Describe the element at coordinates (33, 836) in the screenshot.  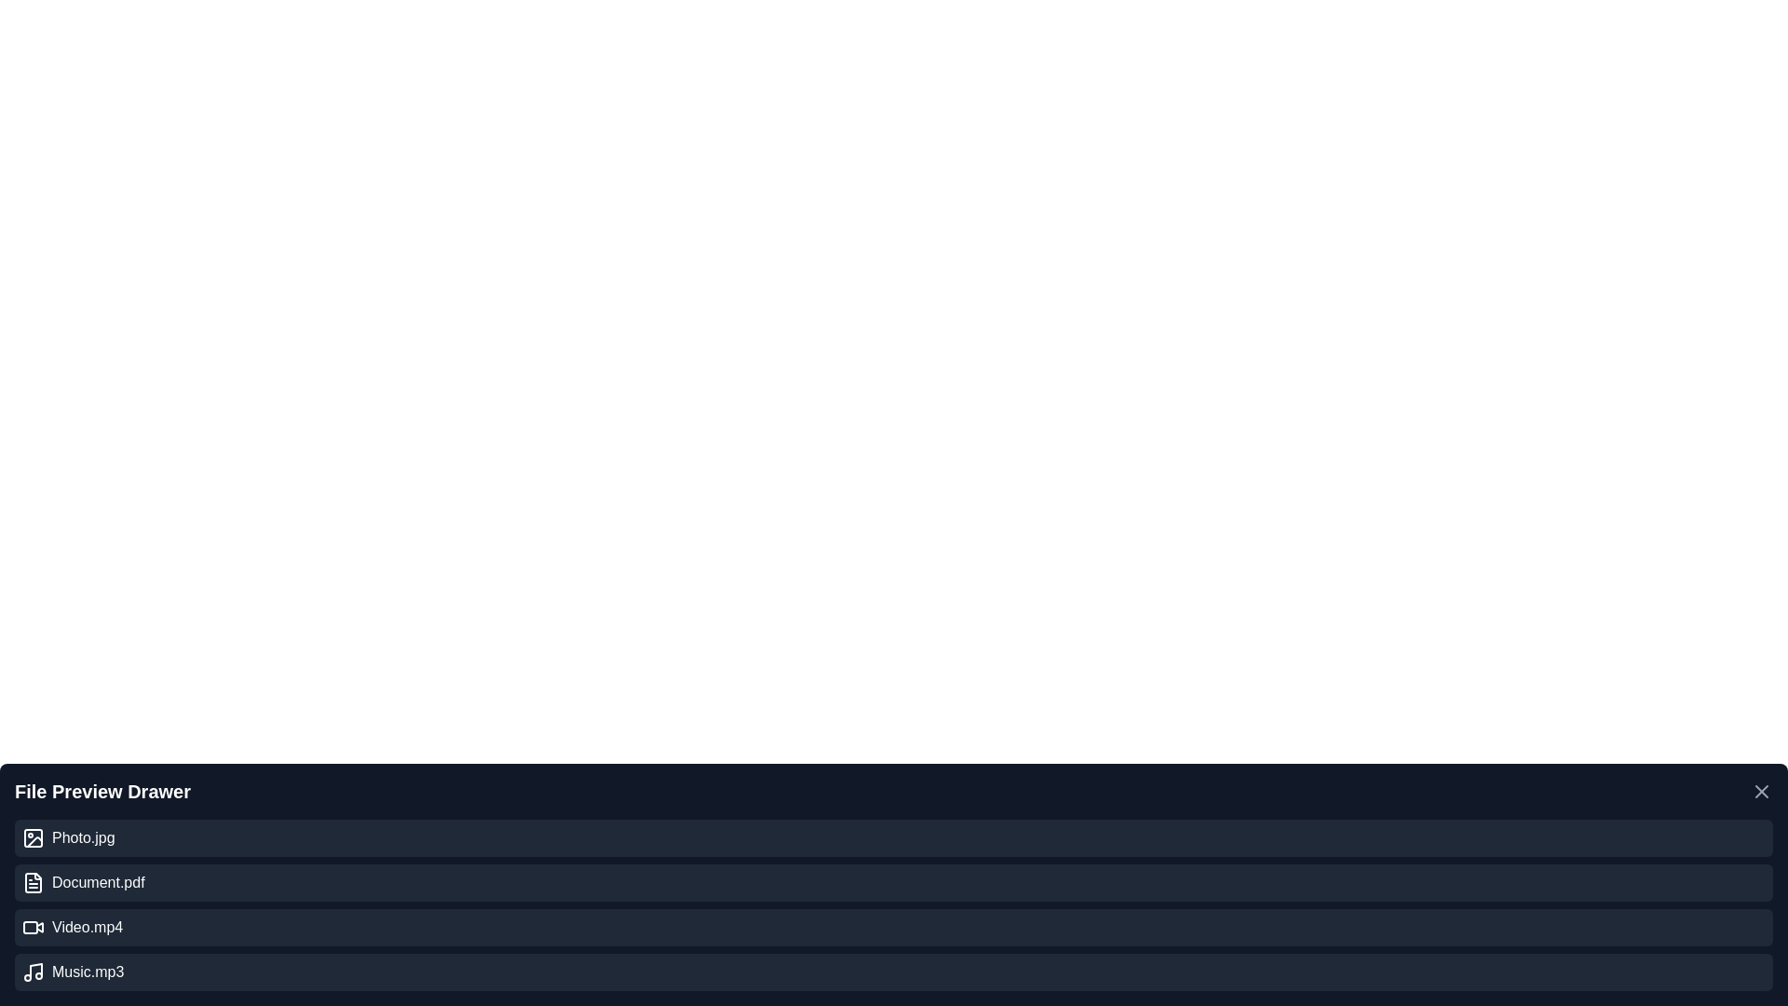
I see `the small rectangular icon with rounded corners located beside the label 'Photo.jpg' in the sidebar of the 'File Preview Drawer'` at that location.